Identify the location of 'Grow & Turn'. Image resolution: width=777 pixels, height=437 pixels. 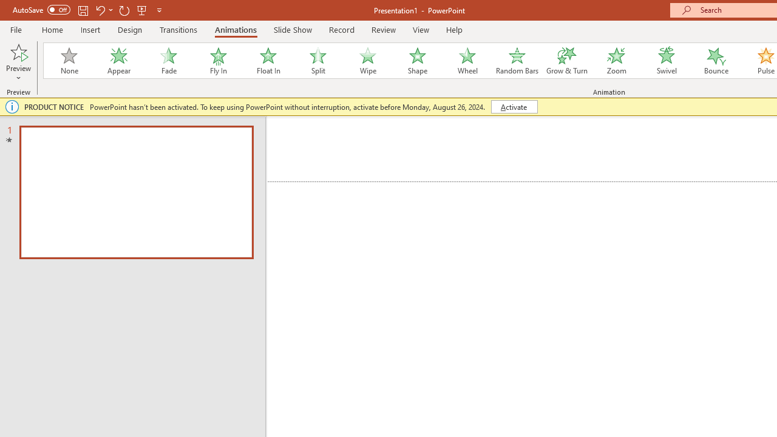
(566, 61).